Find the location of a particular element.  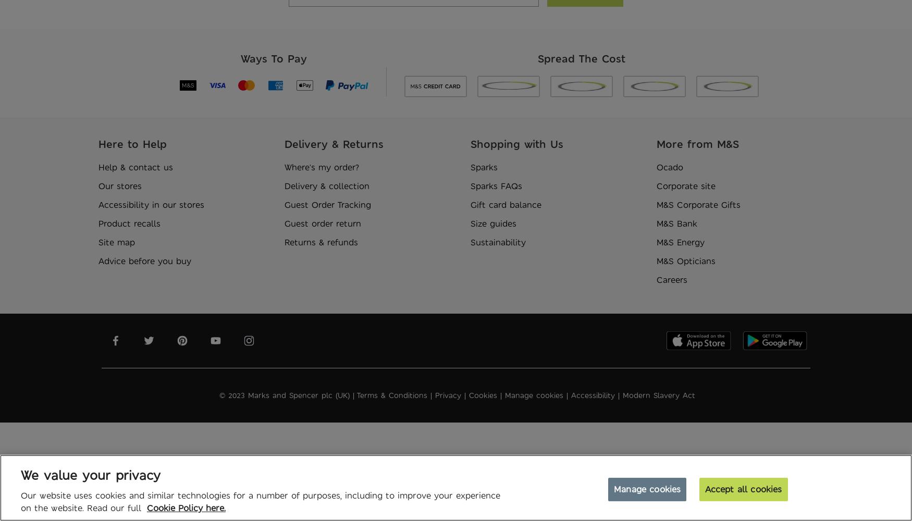

'Returns & refunds' is located at coordinates (284, 242).